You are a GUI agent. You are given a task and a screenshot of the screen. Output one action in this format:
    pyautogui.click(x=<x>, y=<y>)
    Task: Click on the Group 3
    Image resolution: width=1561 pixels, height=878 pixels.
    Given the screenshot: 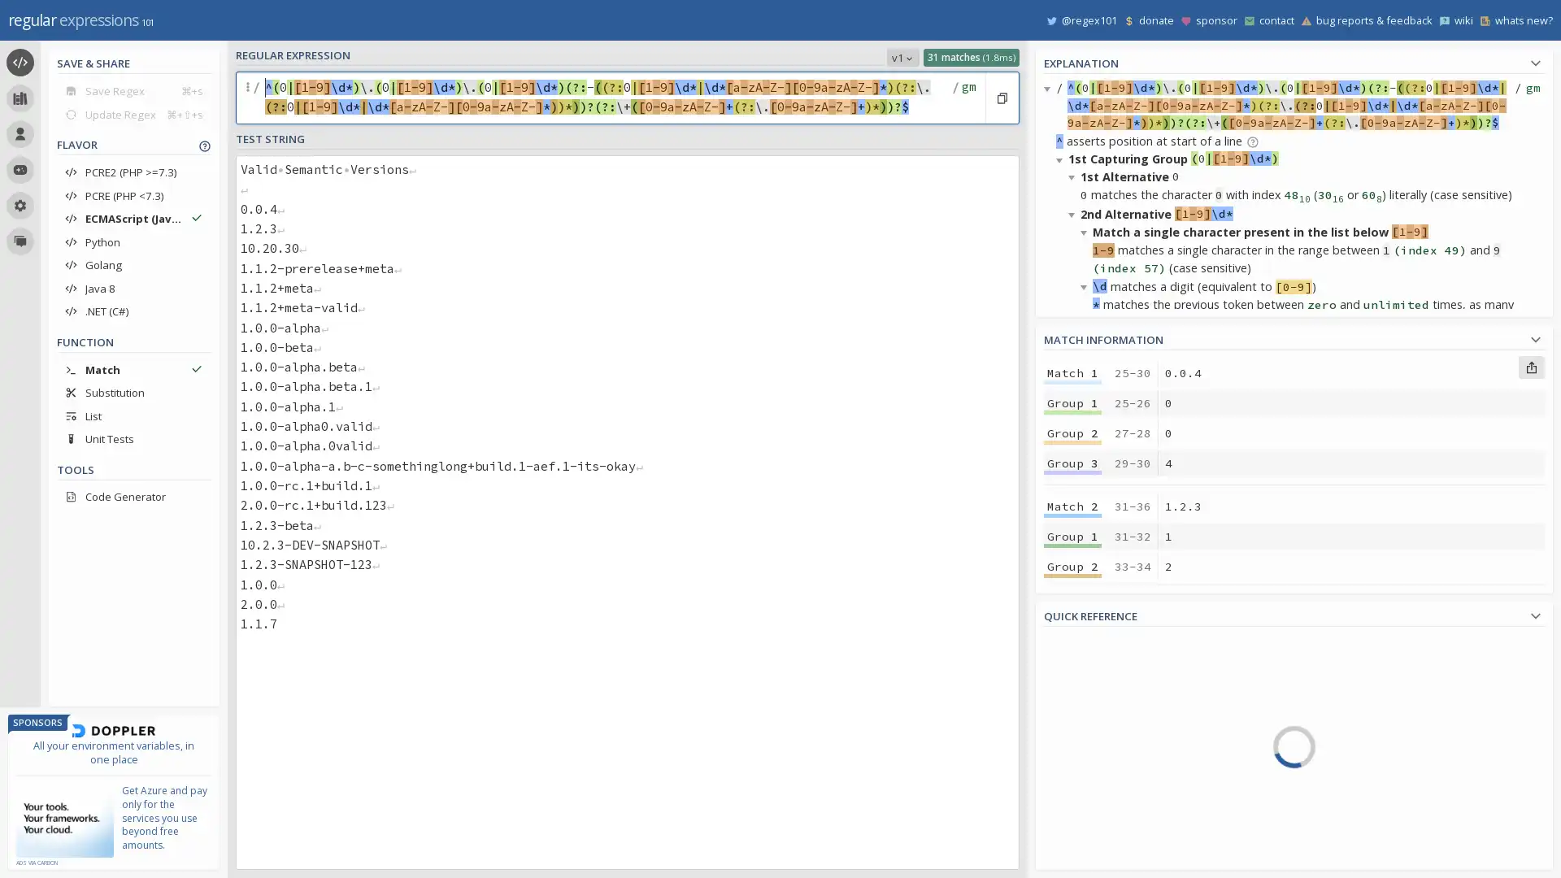 What is the action you would take?
    pyautogui.click(x=1072, y=596)
    